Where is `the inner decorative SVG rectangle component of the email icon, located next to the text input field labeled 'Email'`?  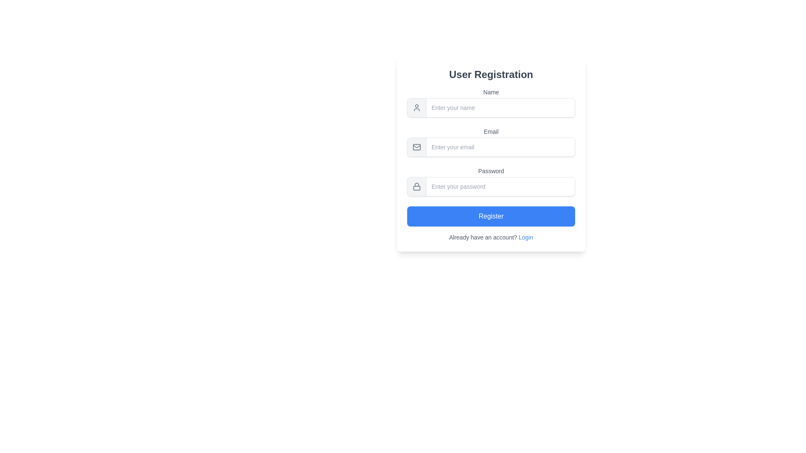
the inner decorative SVG rectangle component of the email icon, located next to the text input field labeled 'Email' is located at coordinates (417, 147).